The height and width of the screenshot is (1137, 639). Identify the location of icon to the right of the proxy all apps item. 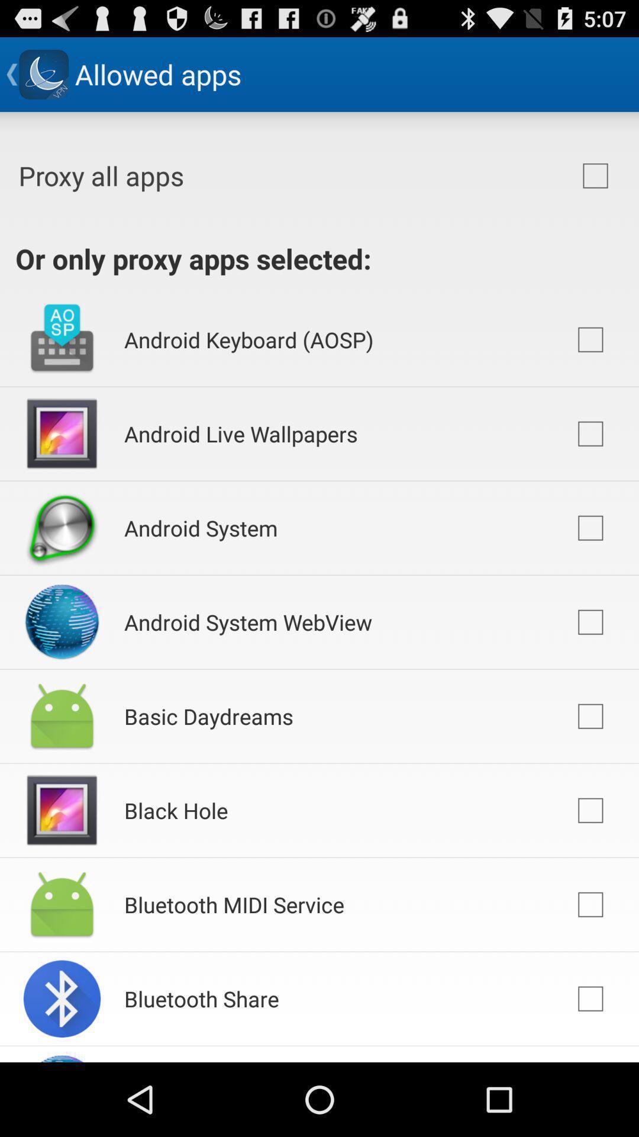
(595, 175).